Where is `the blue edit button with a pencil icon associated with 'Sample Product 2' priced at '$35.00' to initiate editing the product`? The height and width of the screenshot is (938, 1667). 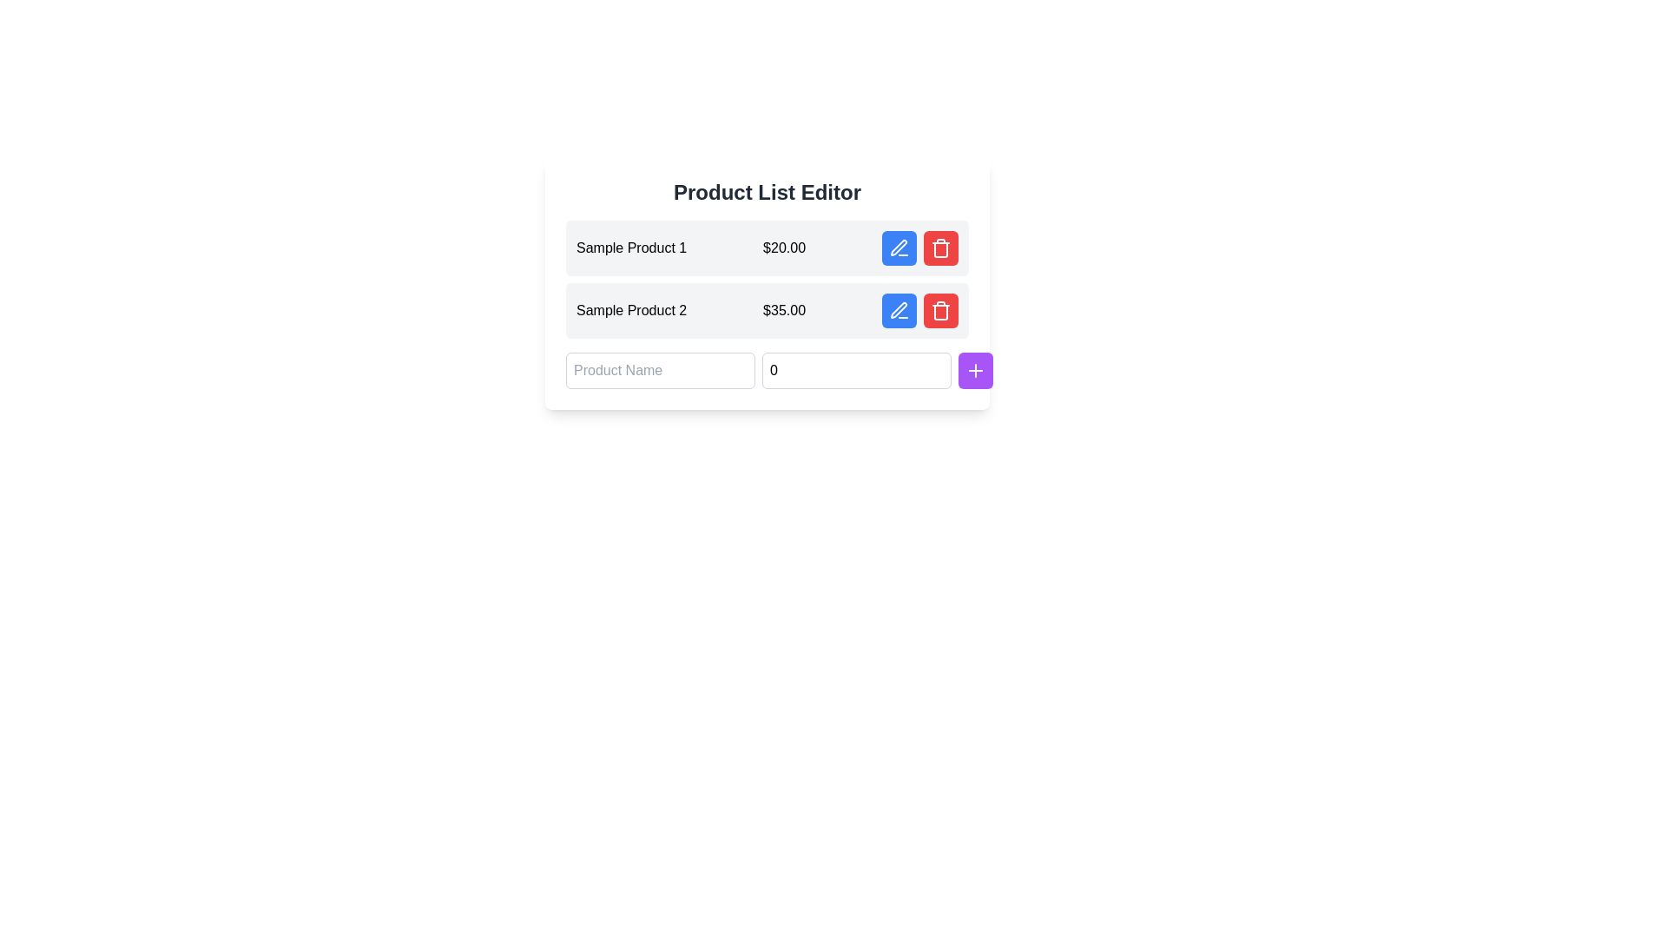
the blue edit button with a pencil icon associated with 'Sample Product 2' priced at '$35.00' to initiate editing the product is located at coordinates (919, 310).